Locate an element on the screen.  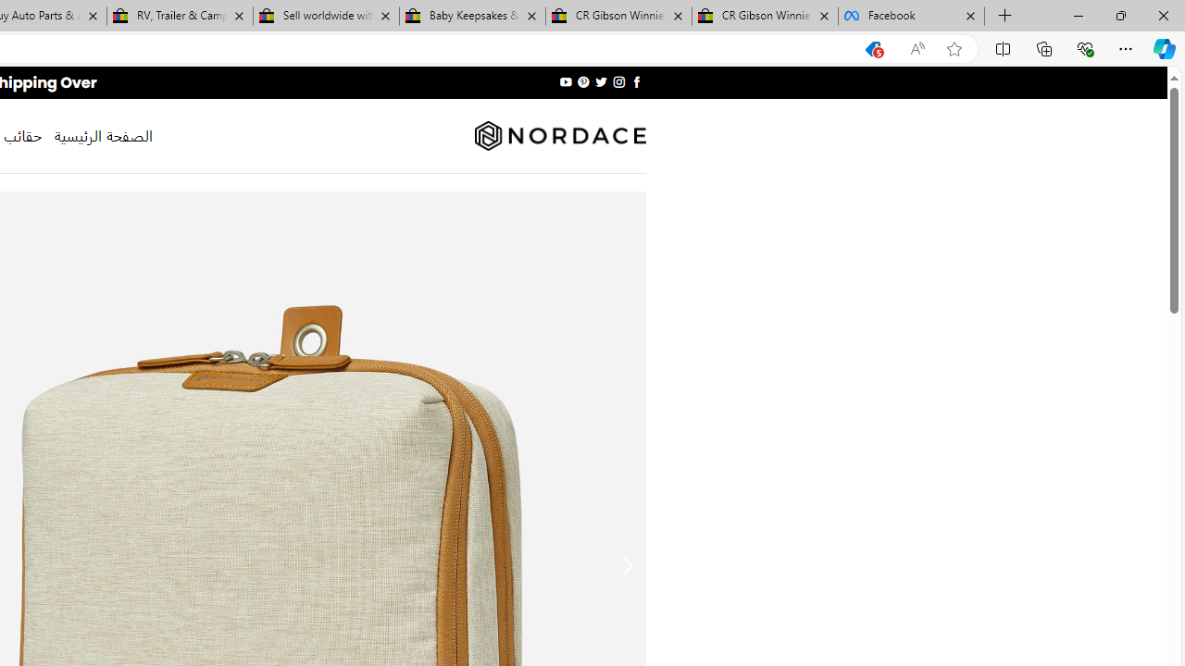
'Read aloud this page (Ctrl+Shift+U)' is located at coordinates (917, 48).